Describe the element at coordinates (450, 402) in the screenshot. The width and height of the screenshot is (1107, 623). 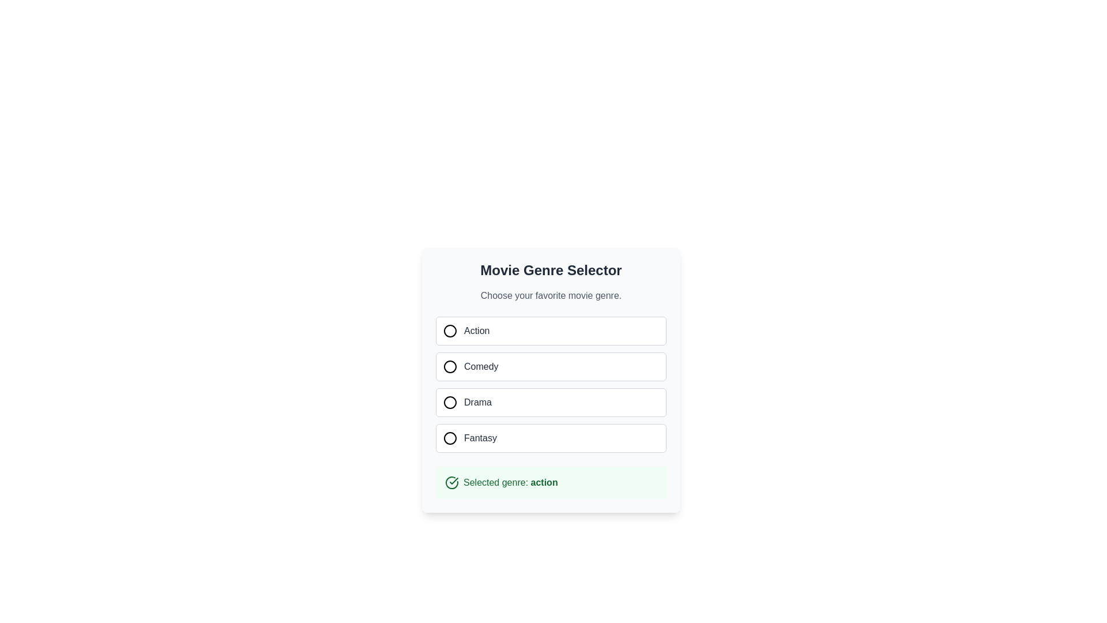
I see `the circular graphical representation of the radio button for the 'Drama' option in the 'Movie Genre Selector' list` at that location.